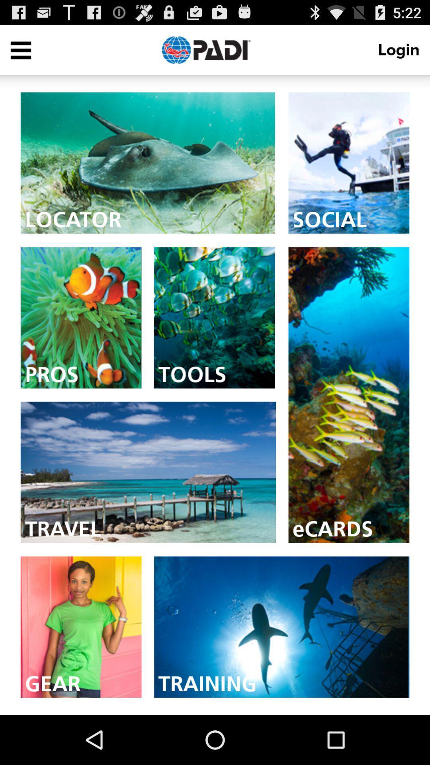 The image size is (430, 765). What do you see at coordinates (148, 163) in the screenshot?
I see `locator menu` at bounding box center [148, 163].